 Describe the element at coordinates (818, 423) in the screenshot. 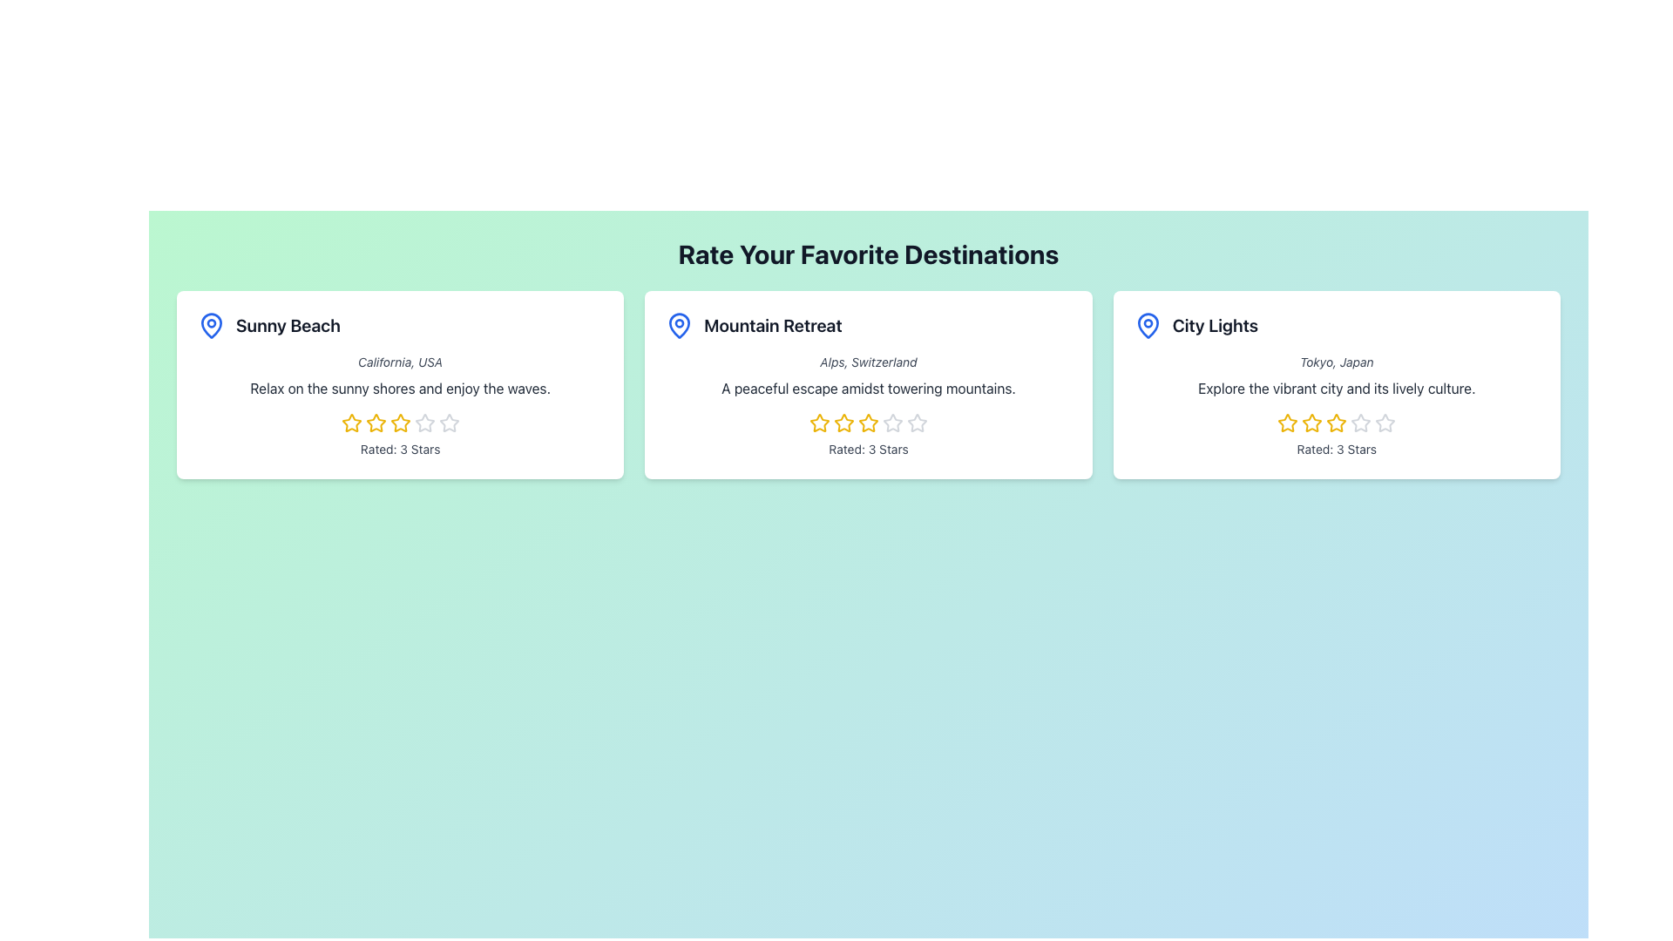

I see `the first hollow star-shaped icon in the five-star rating system under the 'Mountain Retreat' card, which is styled in yellow and has a hollow center` at that location.